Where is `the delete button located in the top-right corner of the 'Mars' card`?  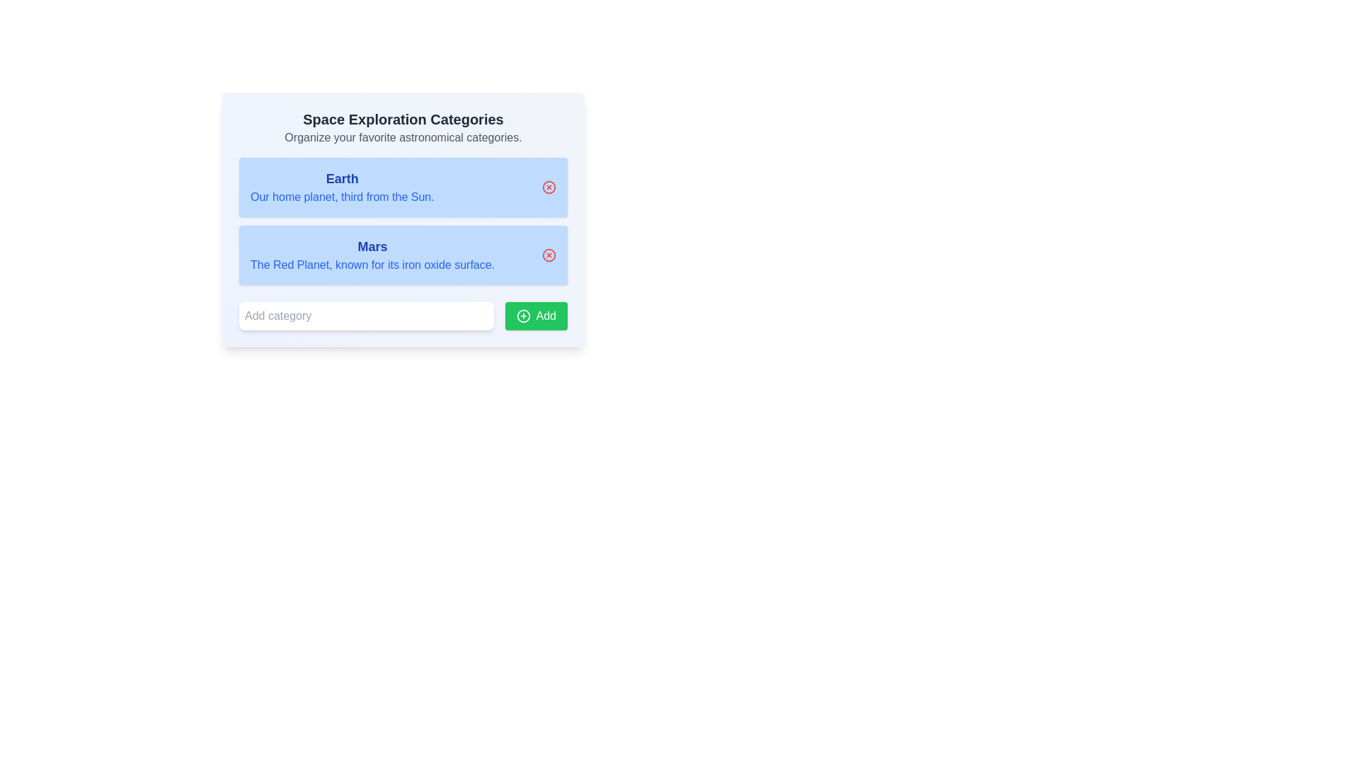 the delete button located in the top-right corner of the 'Mars' card is located at coordinates (549, 255).